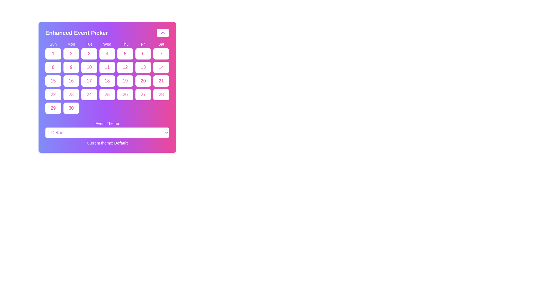 The image size is (544, 306). What do you see at coordinates (89, 67) in the screenshot?
I see `the button labeled '10' in the calendar interface` at bounding box center [89, 67].